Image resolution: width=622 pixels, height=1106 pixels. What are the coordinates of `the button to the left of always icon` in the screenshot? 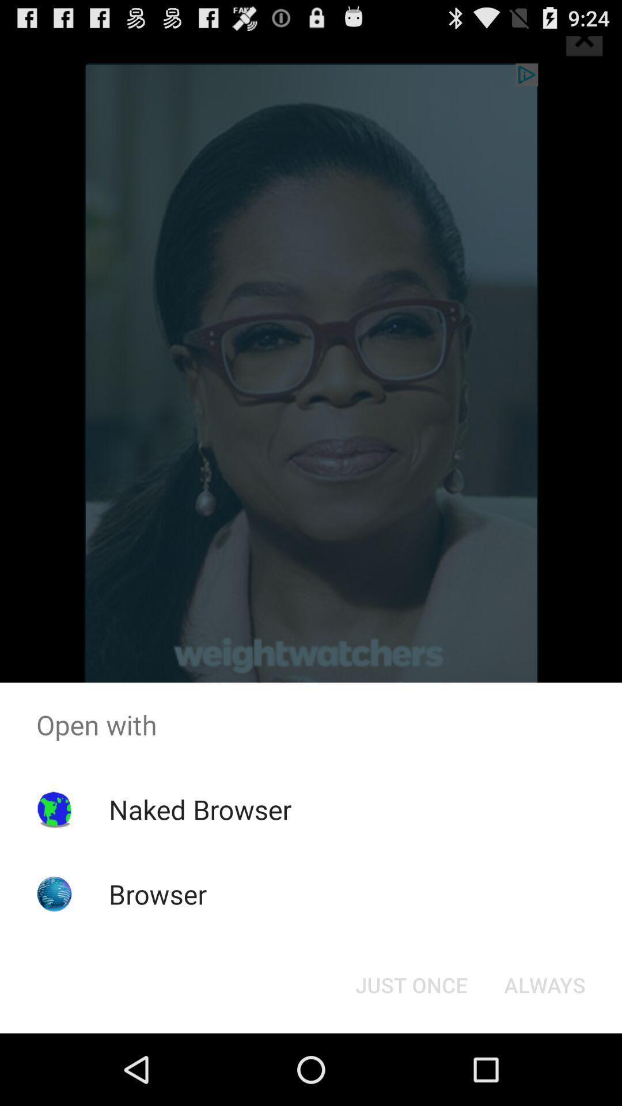 It's located at (411, 984).